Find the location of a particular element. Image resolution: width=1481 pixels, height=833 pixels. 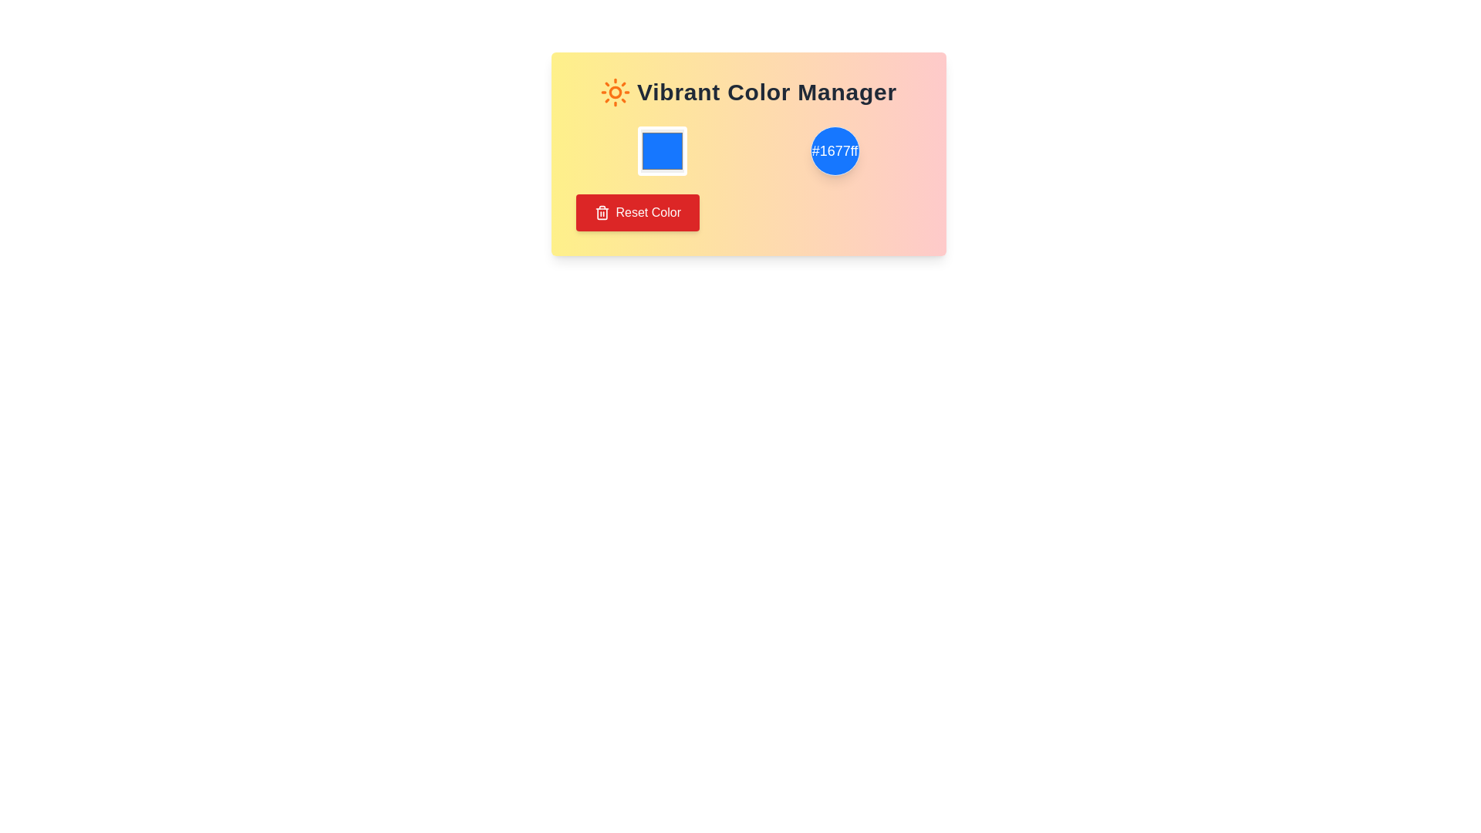

the text label located within the reset button at the bottom-left area of the card, which is associated with a trash icon is located at coordinates (648, 213).